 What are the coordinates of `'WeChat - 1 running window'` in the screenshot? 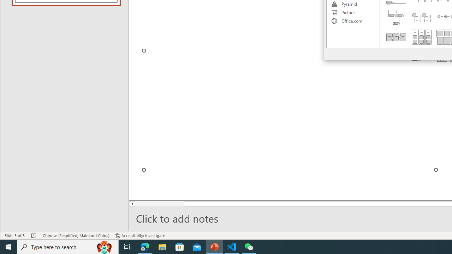 It's located at (249, 246).